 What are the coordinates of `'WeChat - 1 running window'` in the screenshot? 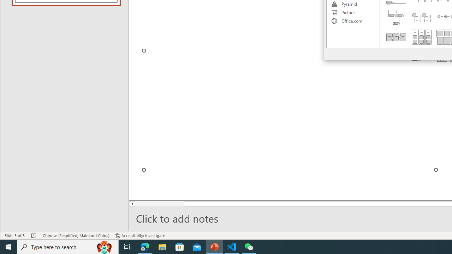 It's located at (249, 246).